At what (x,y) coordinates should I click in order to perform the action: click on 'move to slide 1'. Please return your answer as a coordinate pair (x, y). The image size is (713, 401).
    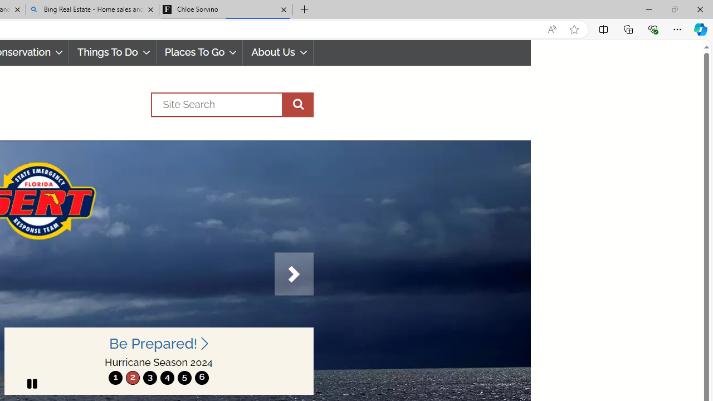
    Looking at the image, I should click on (115, 377).